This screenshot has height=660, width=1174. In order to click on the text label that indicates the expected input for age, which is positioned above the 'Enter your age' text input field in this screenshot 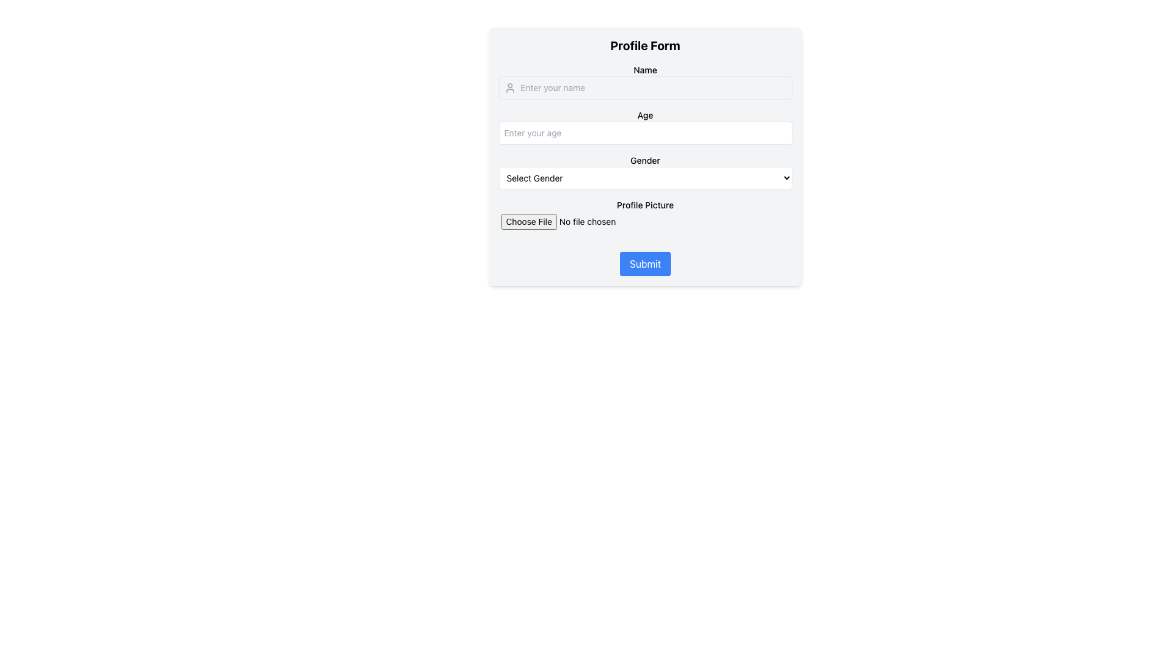, I will do `click(644, 116)`.